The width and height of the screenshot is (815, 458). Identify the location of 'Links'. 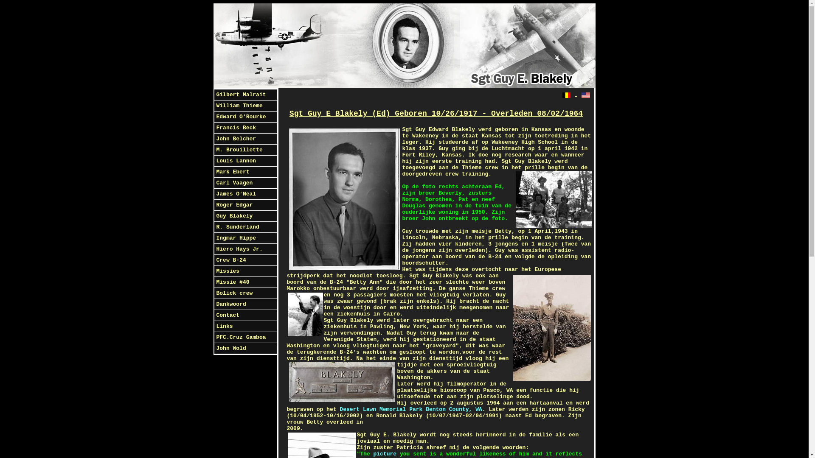
(244, 326).